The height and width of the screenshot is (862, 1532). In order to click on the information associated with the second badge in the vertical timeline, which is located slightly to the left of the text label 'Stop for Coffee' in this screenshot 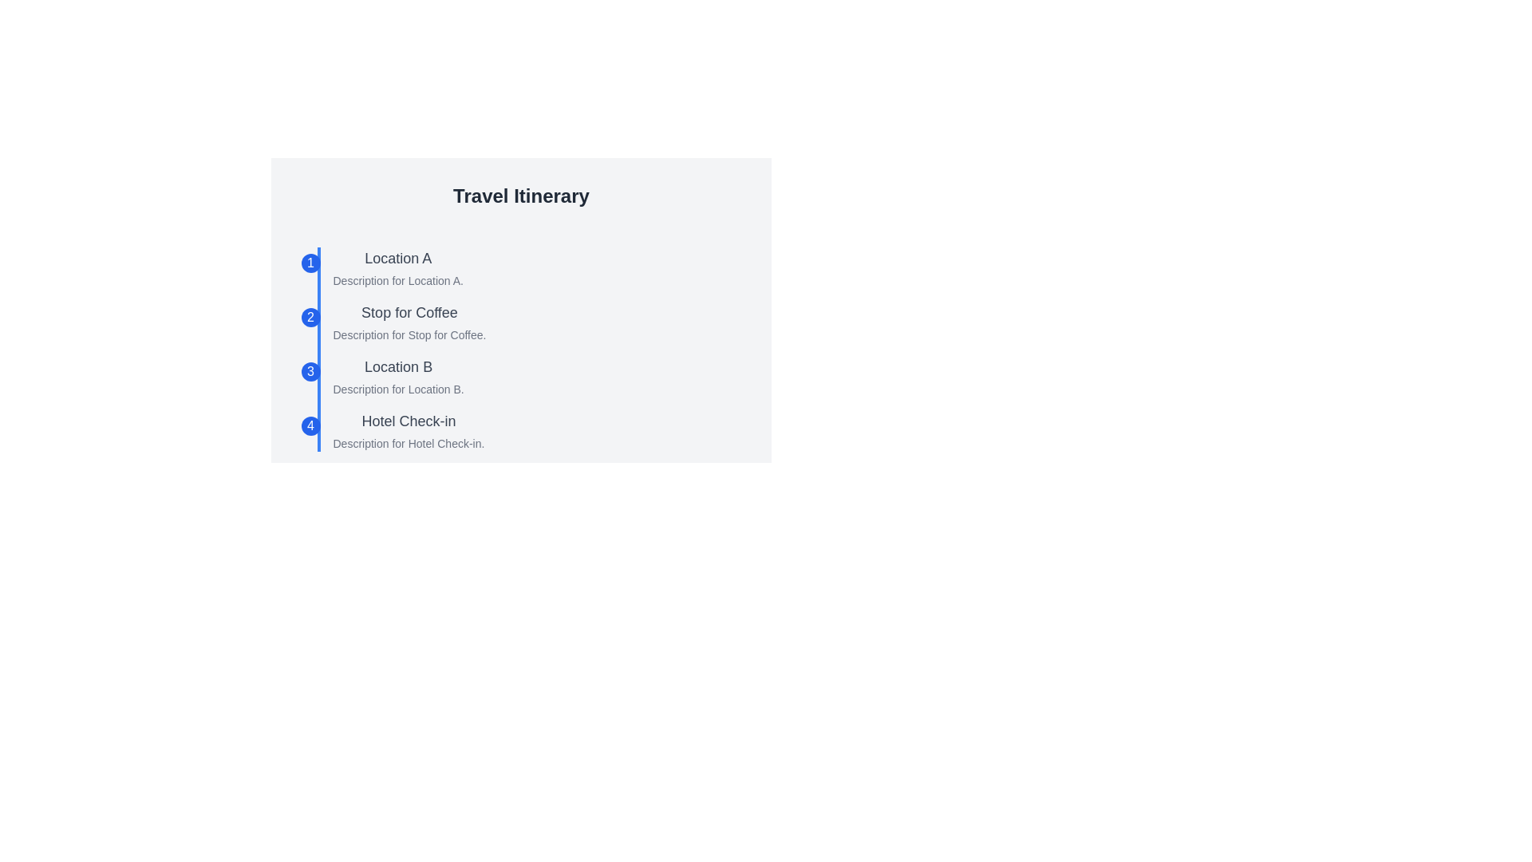, I will do `click(310, 317)`.